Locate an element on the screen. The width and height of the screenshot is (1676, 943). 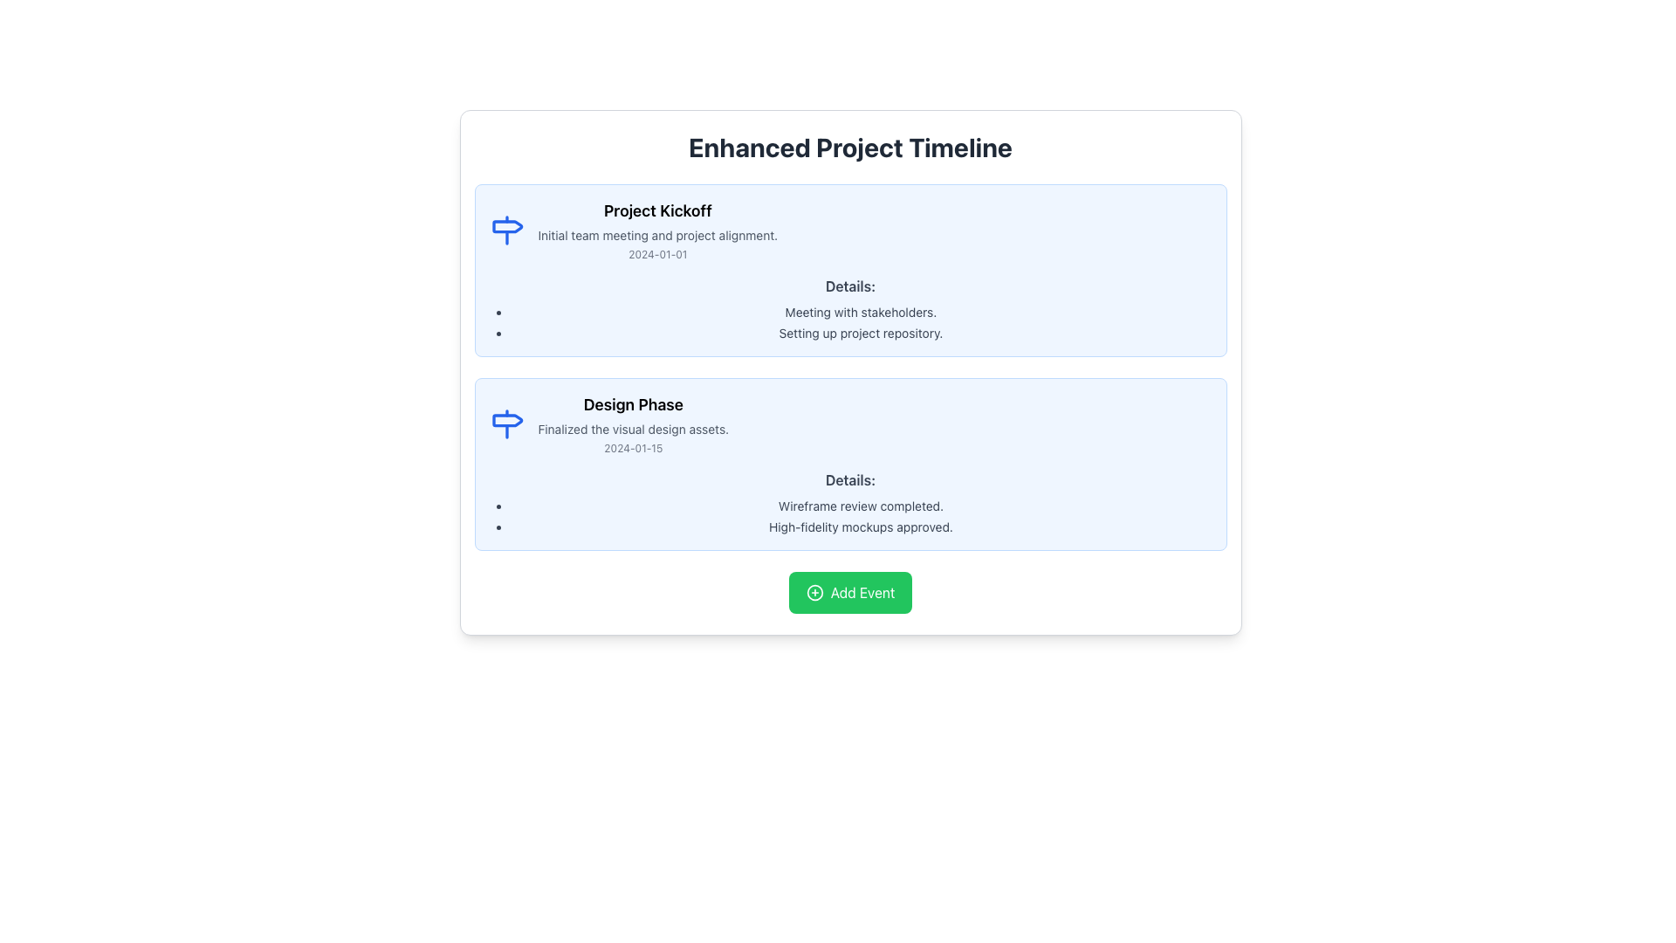
the 'Project Kickoff' milestone icon in the timeline interface, which is located to the left of the 'Project Kickoff' title is located at coordinates (505, 229).